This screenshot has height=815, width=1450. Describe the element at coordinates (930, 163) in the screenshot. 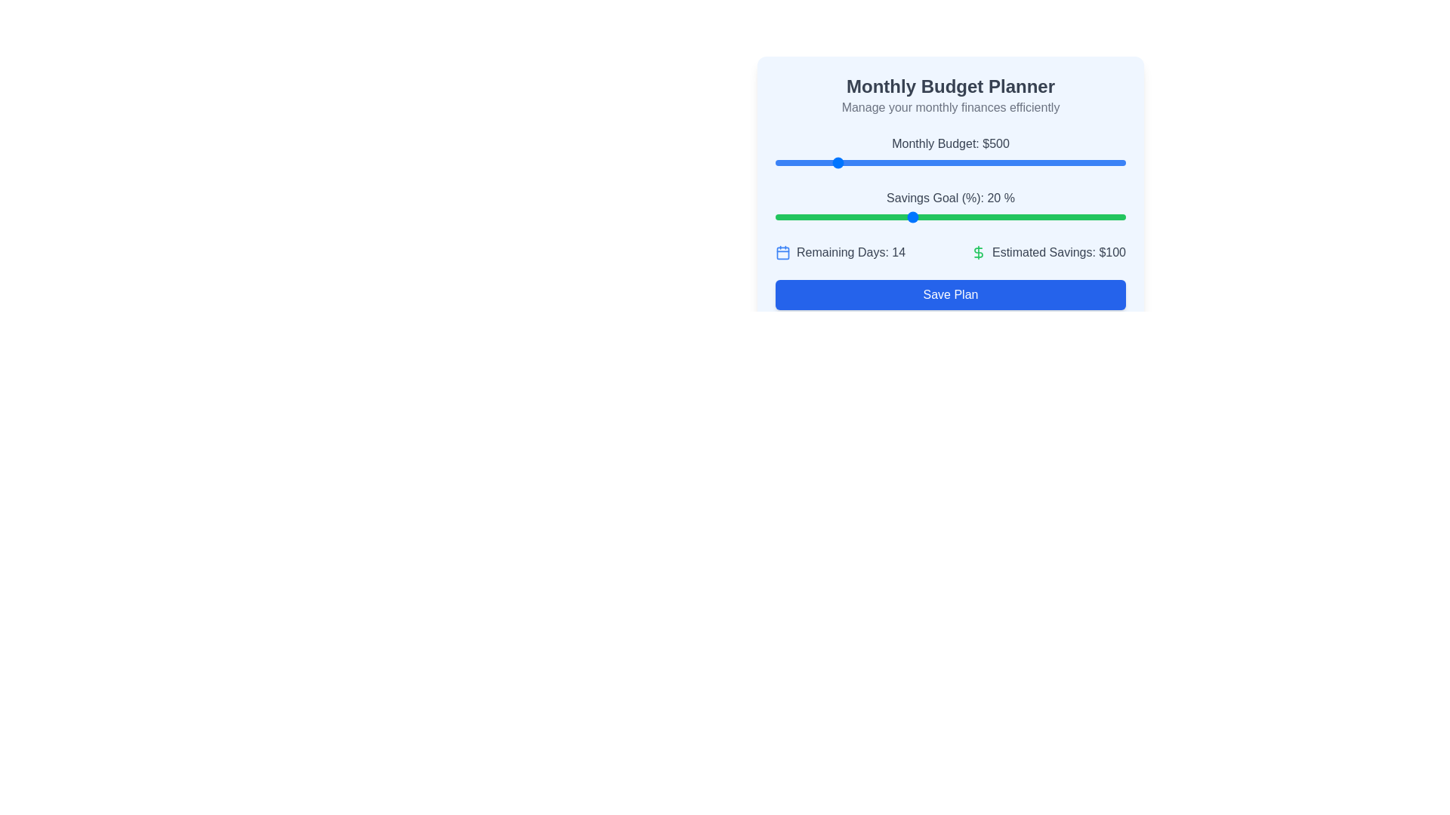

I see `the budget` at that location.